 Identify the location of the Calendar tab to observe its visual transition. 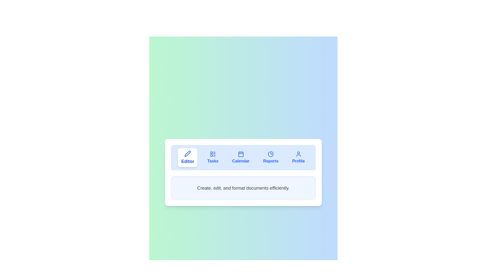
(240, 157).